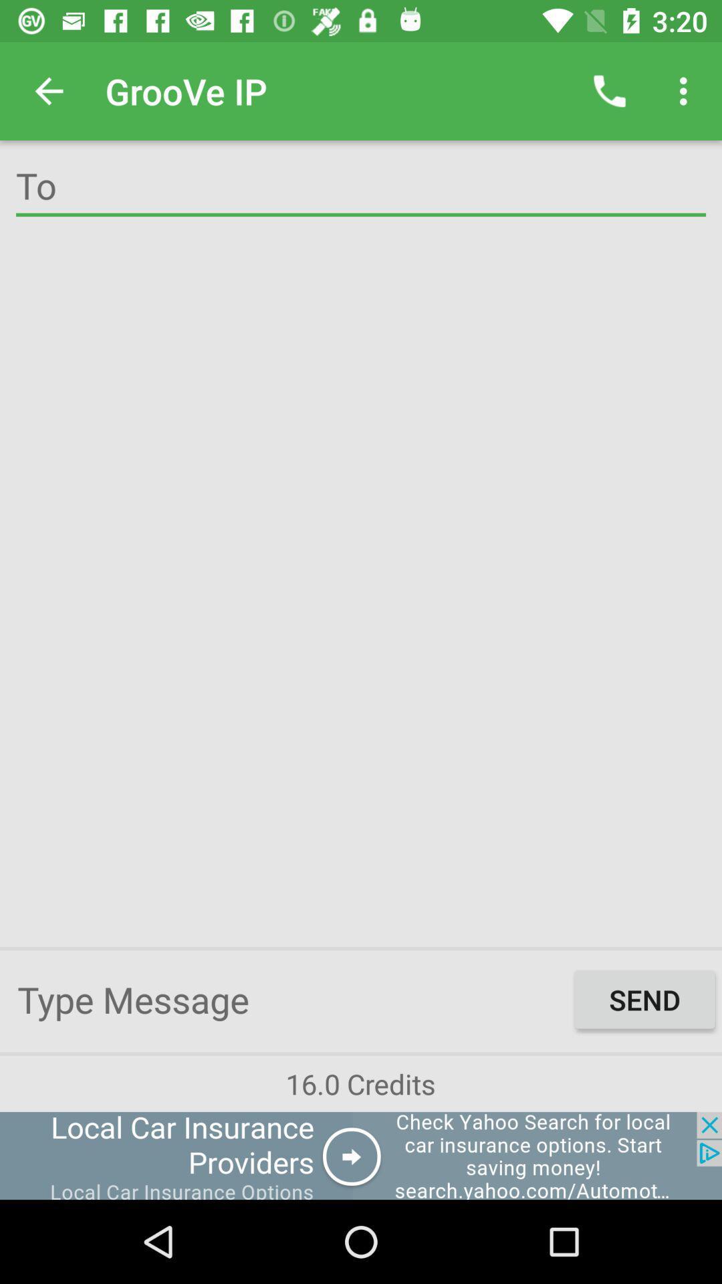  What do you see at coordinates (361, 188) in the screenshot?
I see `into search` at bounding box center [361, 188].